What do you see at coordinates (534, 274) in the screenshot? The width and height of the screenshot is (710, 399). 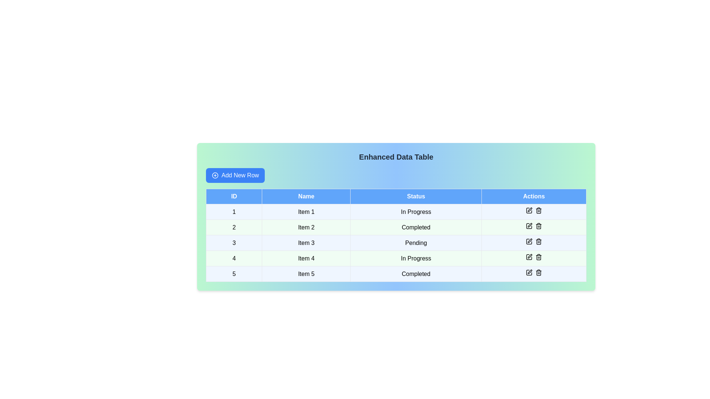 I see `the trash can icon in the 'Actions' column of the fifth row` at bounding box center [534, 274].